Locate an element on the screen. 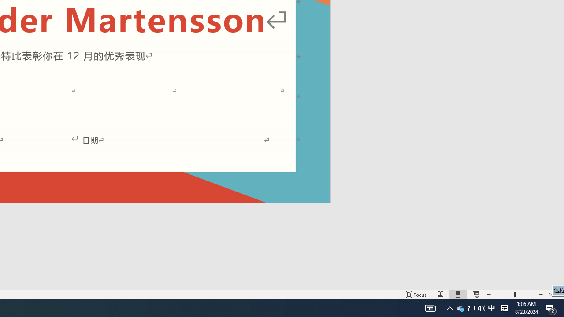 The height and width of the screenshot is (317, 564). 'Print Layout' is located at coordinates (458, 295).